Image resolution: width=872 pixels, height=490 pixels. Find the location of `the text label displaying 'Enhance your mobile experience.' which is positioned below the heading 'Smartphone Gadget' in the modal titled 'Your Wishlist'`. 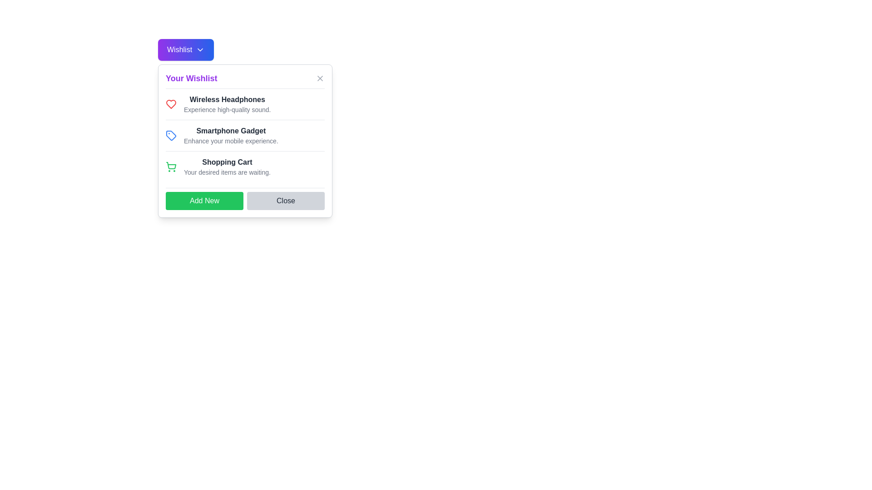

the text label displaying 'Enhance your mobile experience.' which is positioned below the heading 'Smartphone Gadget' in the modal titled 'Your Wishlist' is located at coordinates (231, 141).